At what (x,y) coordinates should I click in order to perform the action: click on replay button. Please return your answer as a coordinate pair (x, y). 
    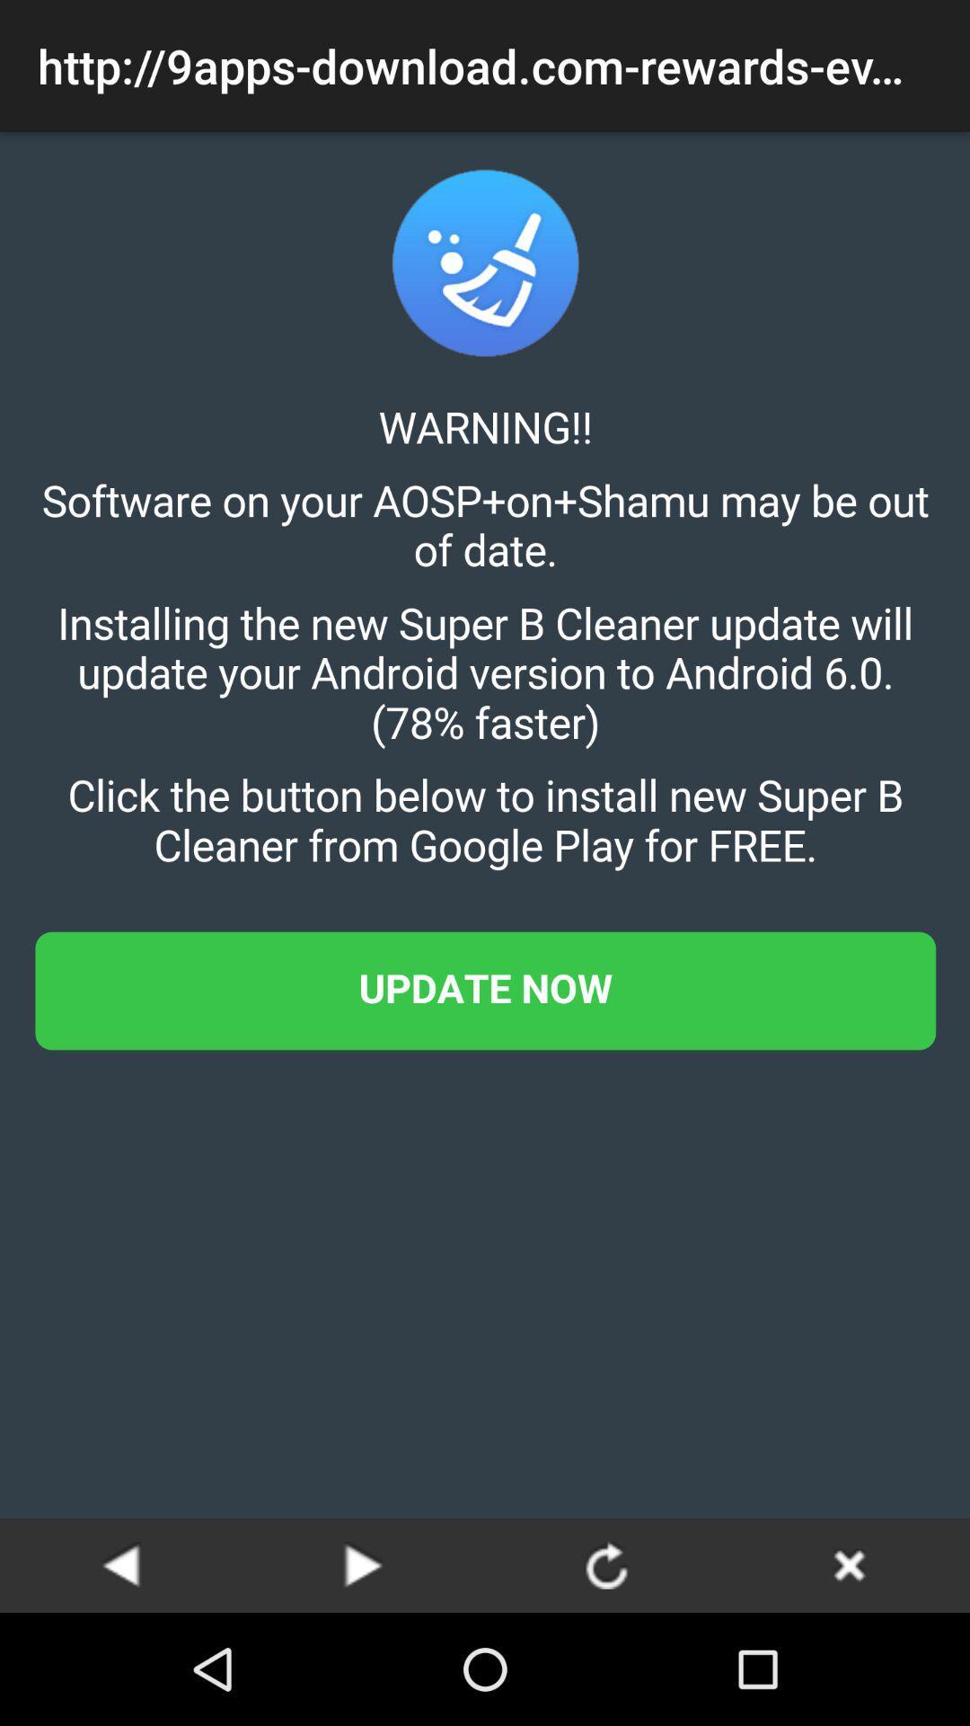
    Looking at the image, I should click on (606, 1564).